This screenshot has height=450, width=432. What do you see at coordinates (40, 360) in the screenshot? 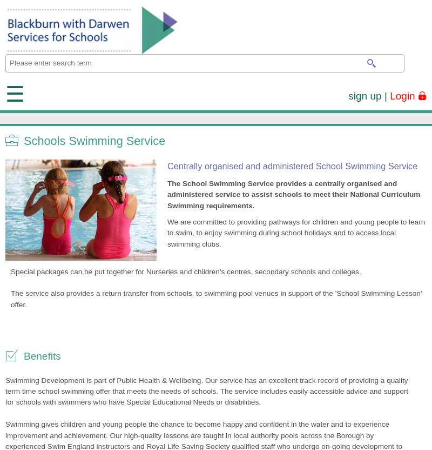
I see `'Please contact us'` at bounding box center [40, 360].